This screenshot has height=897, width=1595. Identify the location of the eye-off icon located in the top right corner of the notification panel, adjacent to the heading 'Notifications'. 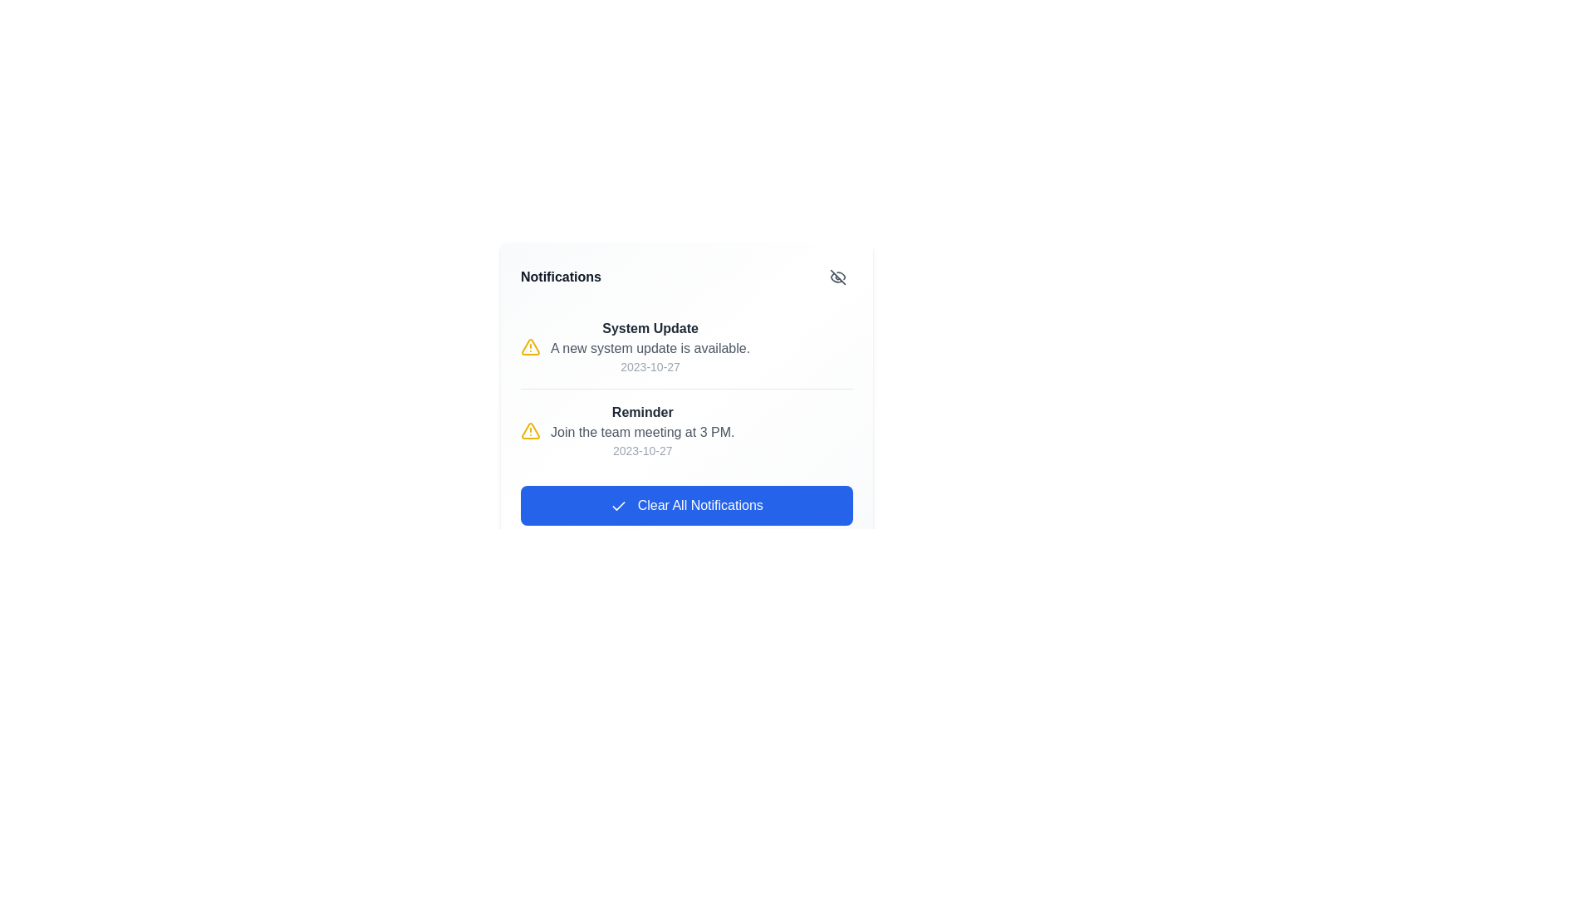
(837, 277).